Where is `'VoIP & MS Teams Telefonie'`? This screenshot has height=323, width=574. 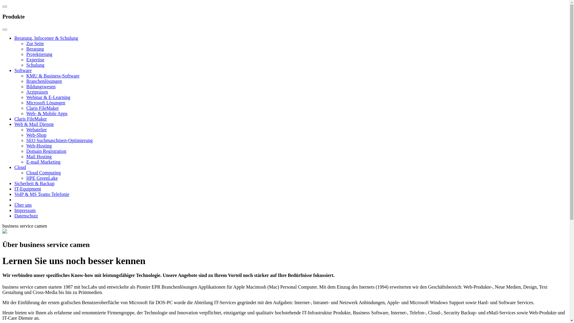
'VoIP & MS Teams Telefonie' is located at coordinates (41, 194).